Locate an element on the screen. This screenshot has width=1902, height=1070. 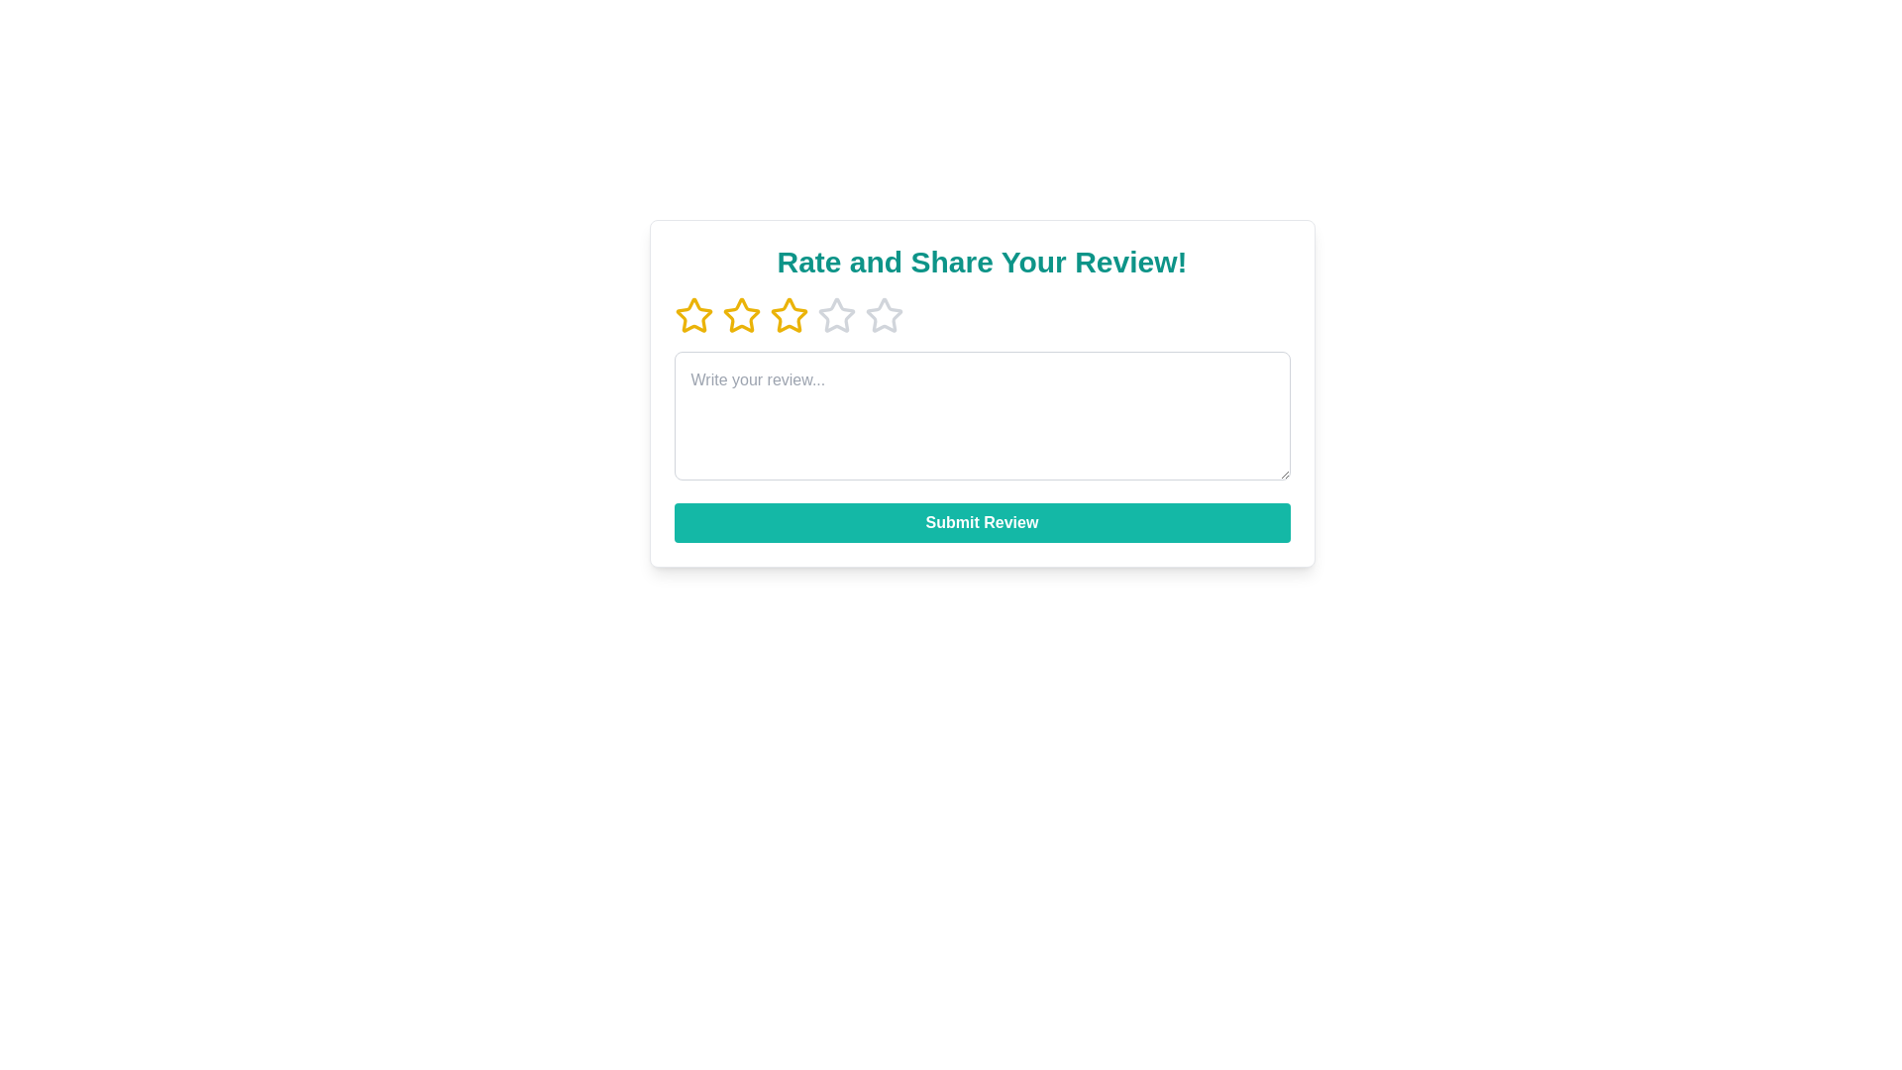
the star corresponding to 2 stars to preview the rating is located at coordinates (740, 315).